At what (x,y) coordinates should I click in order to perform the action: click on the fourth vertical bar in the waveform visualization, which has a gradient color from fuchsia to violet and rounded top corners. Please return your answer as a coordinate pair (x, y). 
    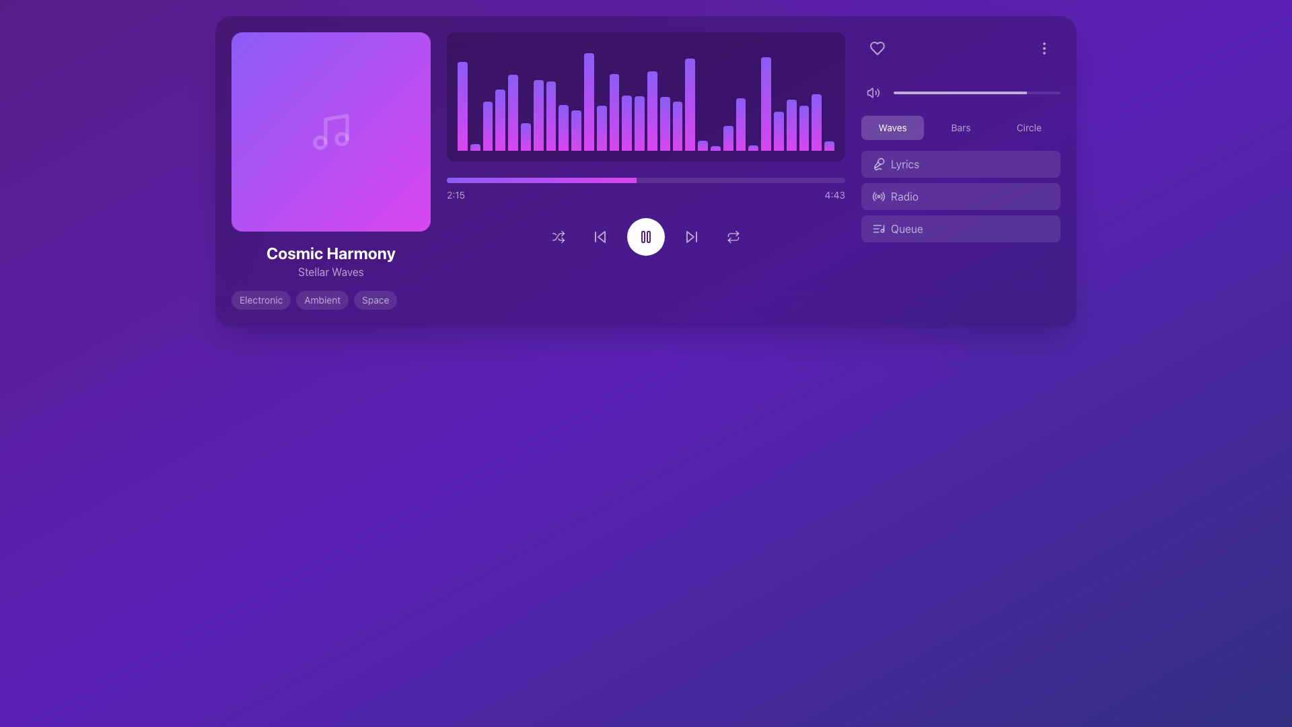
    Looking at the image, I should click on (499, 119).